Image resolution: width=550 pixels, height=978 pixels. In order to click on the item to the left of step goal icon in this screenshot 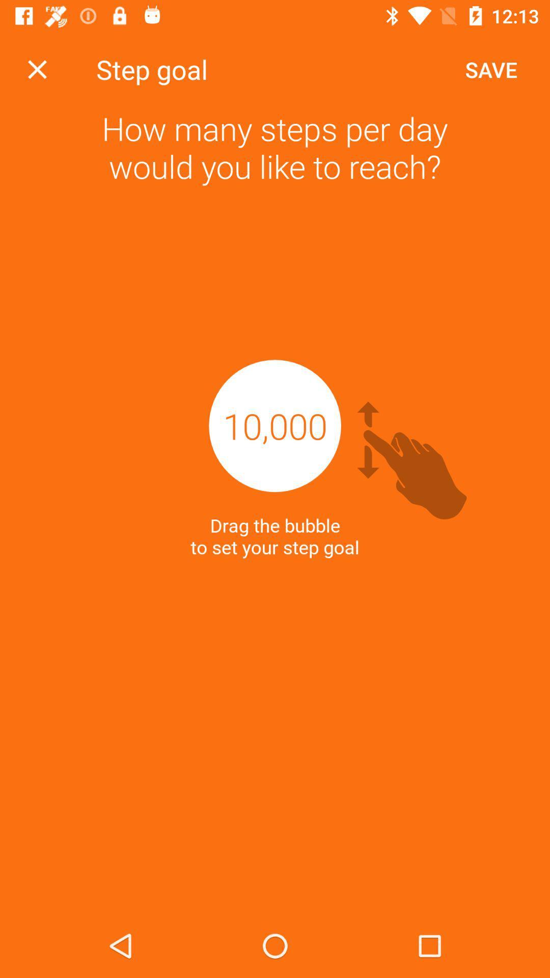, I will do `click(37, 69)`.